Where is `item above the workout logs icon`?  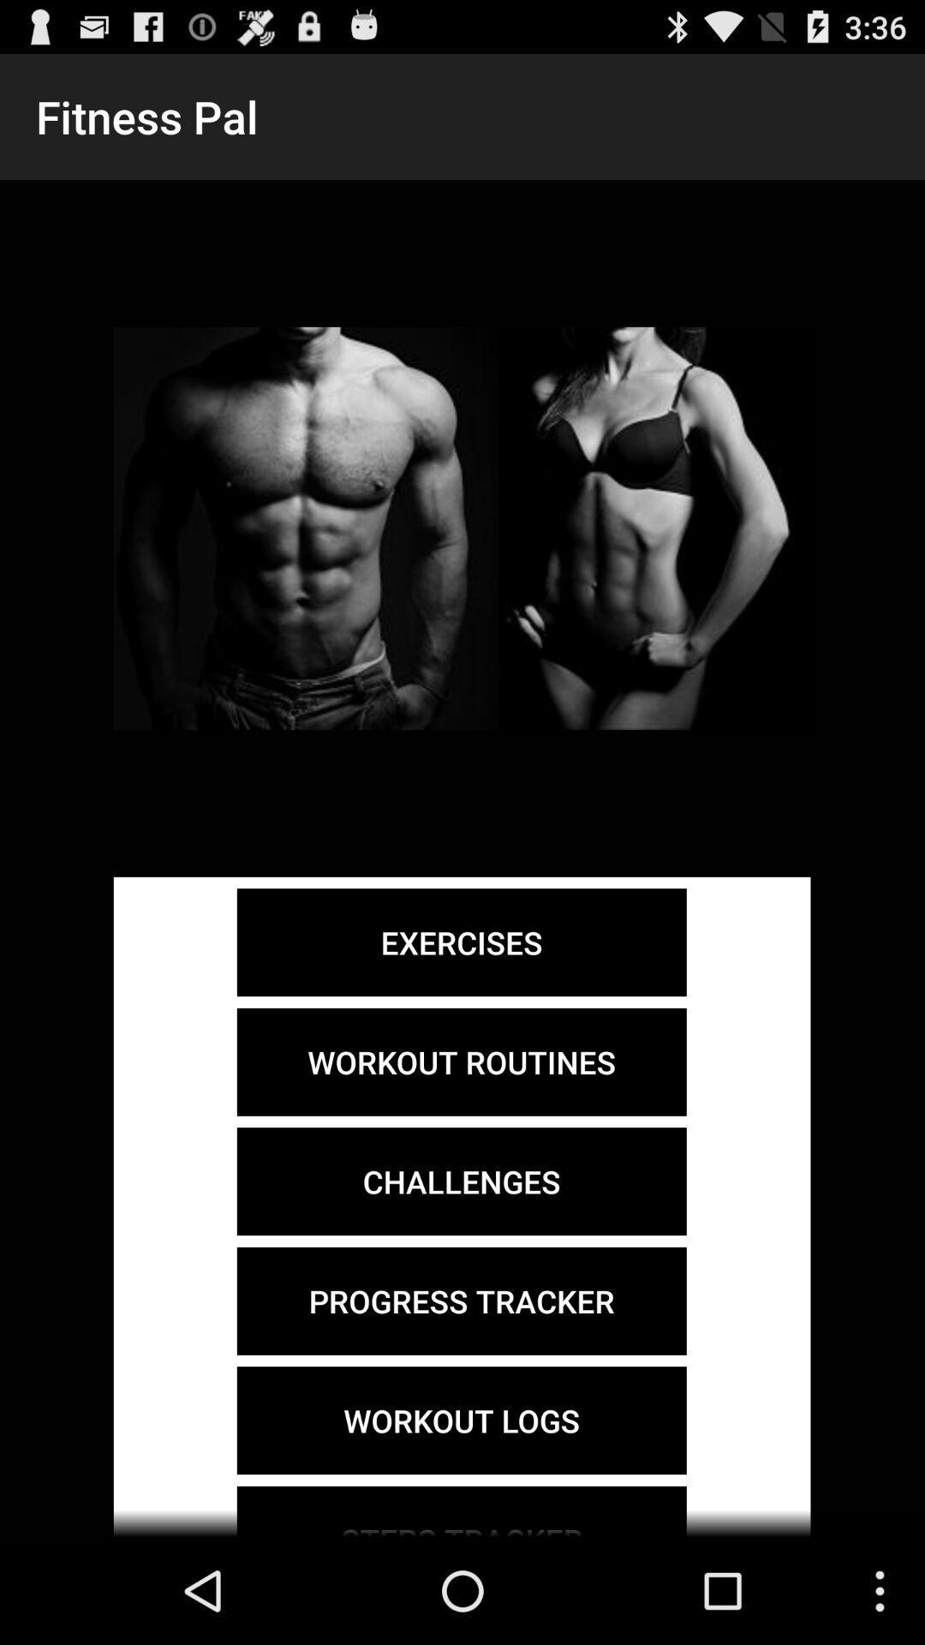
item above the workout logs icon is located at coordinates (461, 1301).